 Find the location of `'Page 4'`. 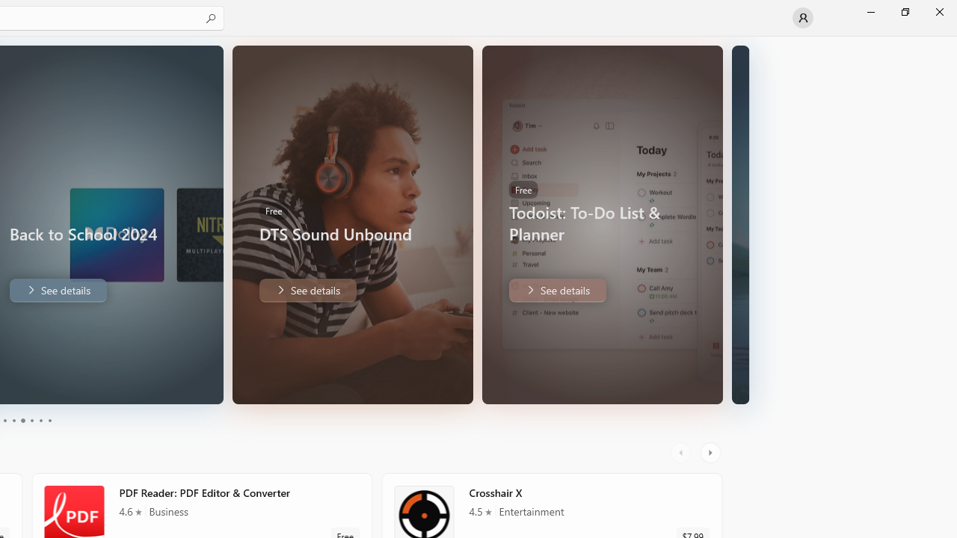

'Page 4' is located at coordinates (31, 421).